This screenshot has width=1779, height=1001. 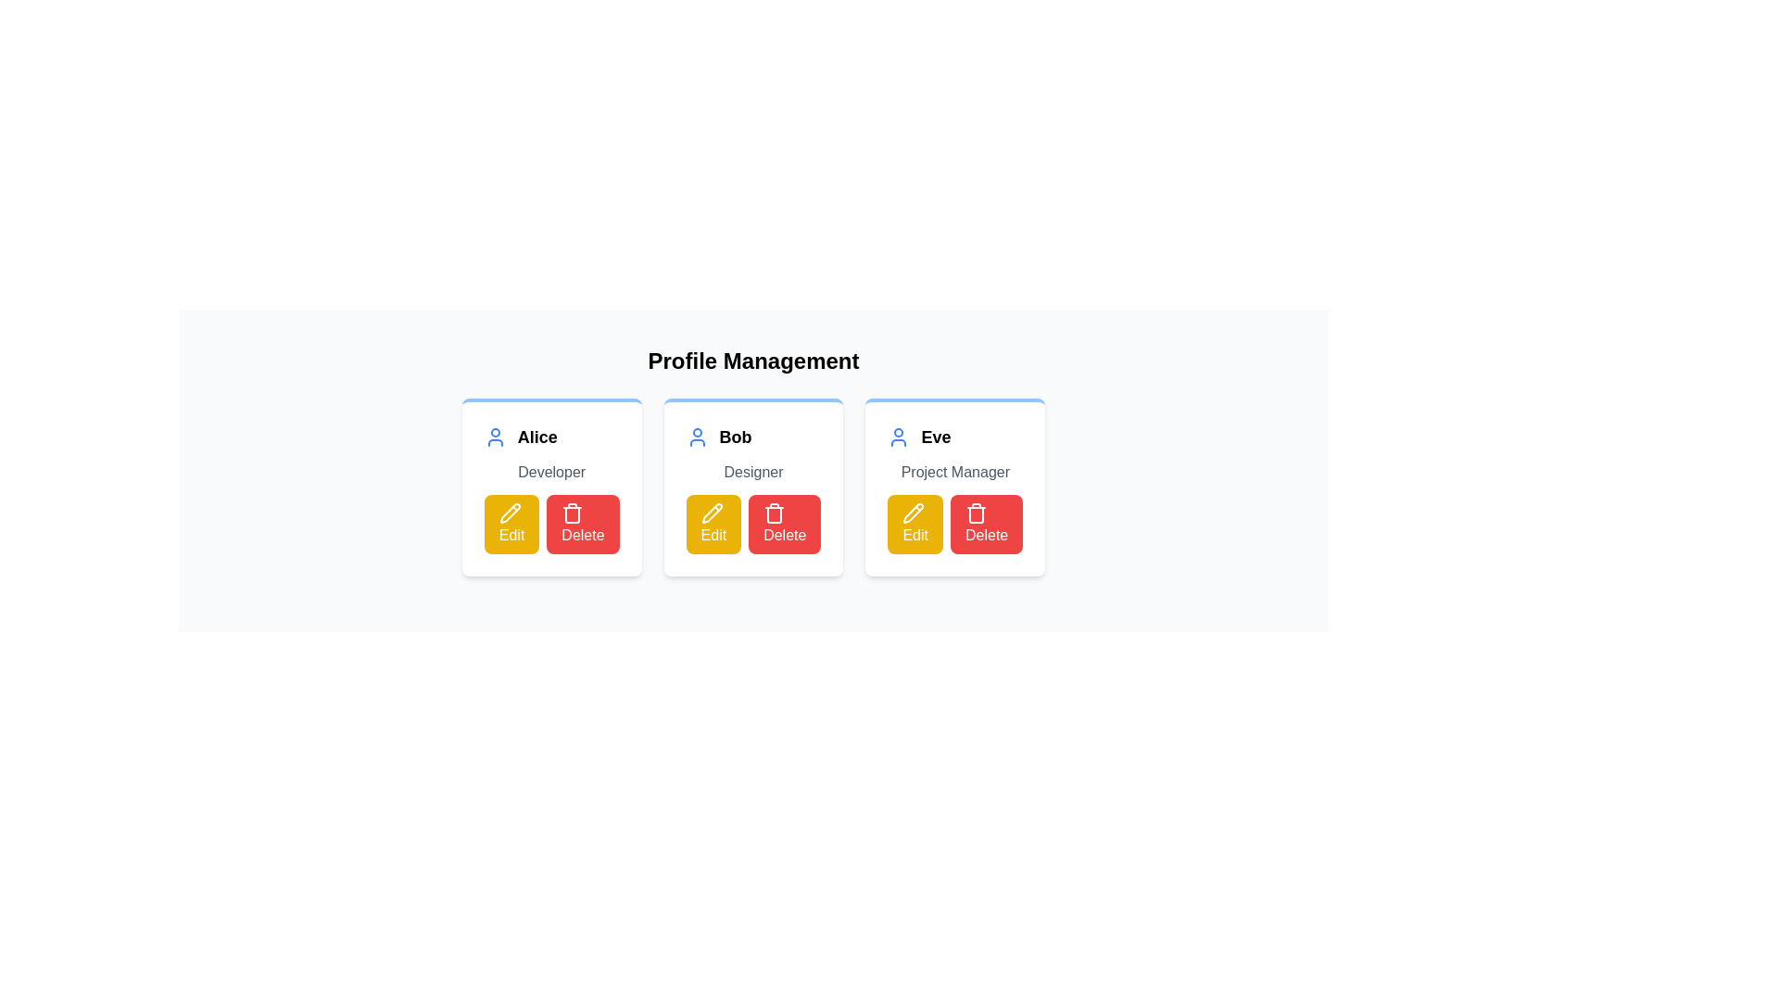 I want to click on the yellow 'Edit' button with a pencil icon located in the middle card labeled 'Bob' to initiate the edit functionality, so click(x=713, y=525).